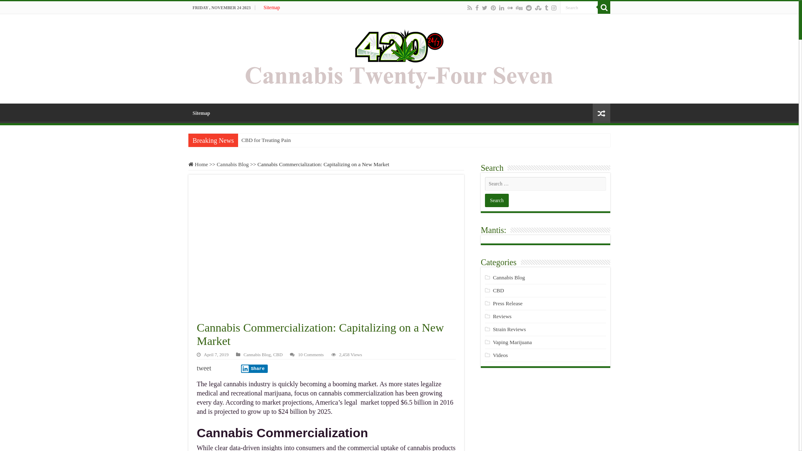 The width and height of the screenshot is (802, 451). What do you see at coordinates (493, 303) in the screenshot?
I see `'Press Release'` at bounding box center [493, 303].